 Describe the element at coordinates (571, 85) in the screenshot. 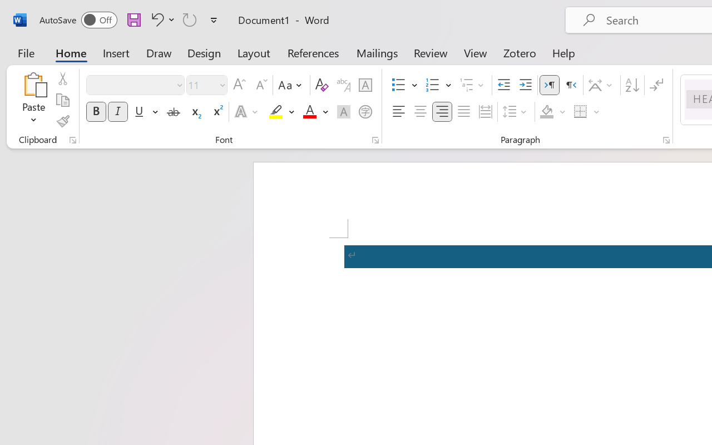

I see `'Right-to-Left'` at that location.